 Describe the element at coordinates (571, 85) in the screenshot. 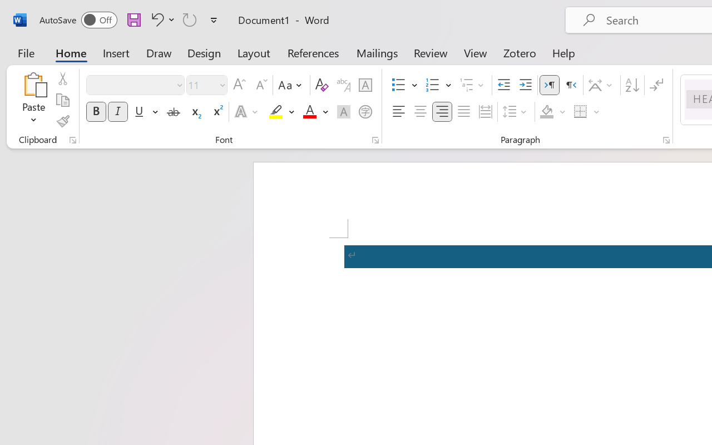

I see `'Right-to-Left'` at that location.